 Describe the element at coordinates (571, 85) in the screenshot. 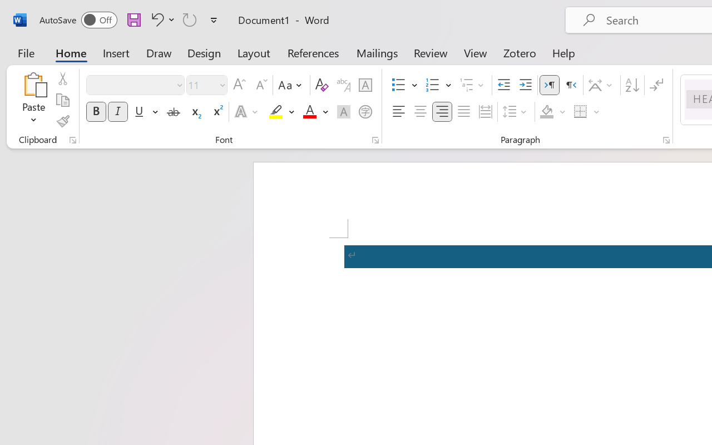

I see `'Right-to-Left'` at that location.